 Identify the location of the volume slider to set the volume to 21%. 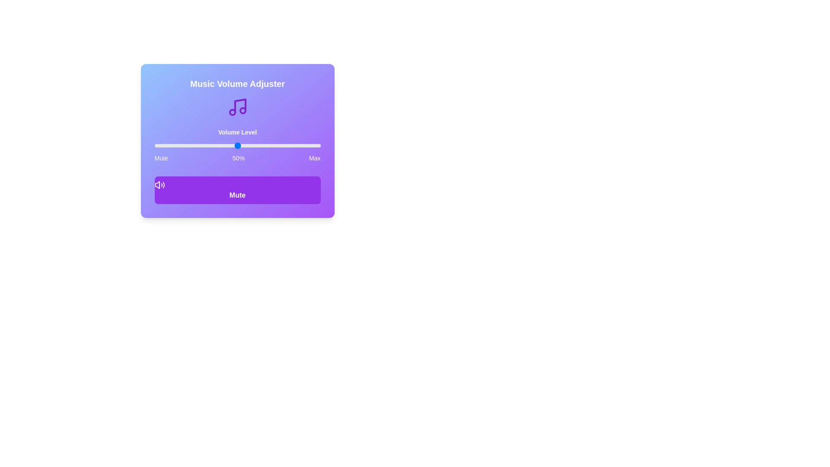
(189, 145).